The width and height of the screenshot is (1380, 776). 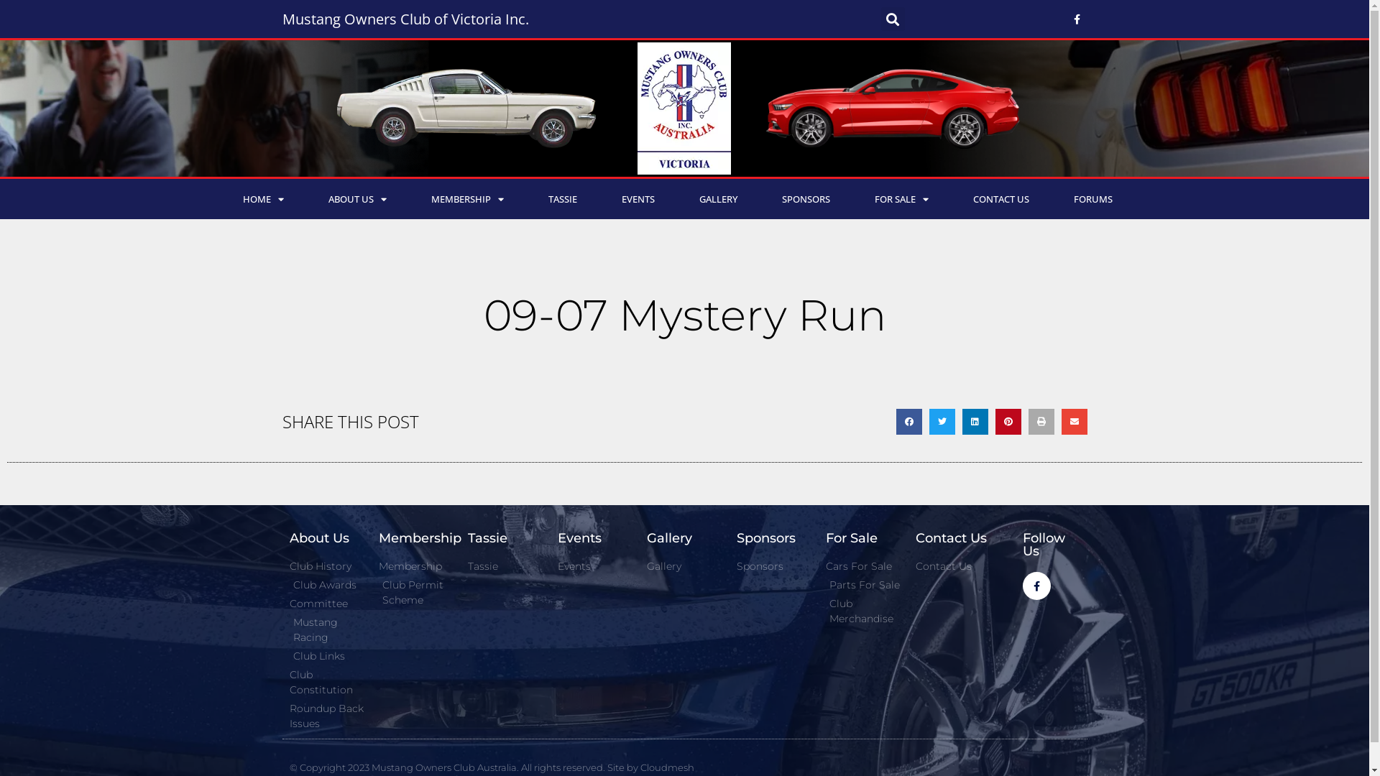 I want to click on 'Club Permit Scheme', so click(x=379, y=593).